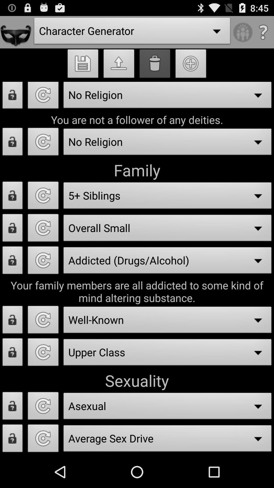 The image size is (274, 488). I want to click on lock, so click(12, 321).